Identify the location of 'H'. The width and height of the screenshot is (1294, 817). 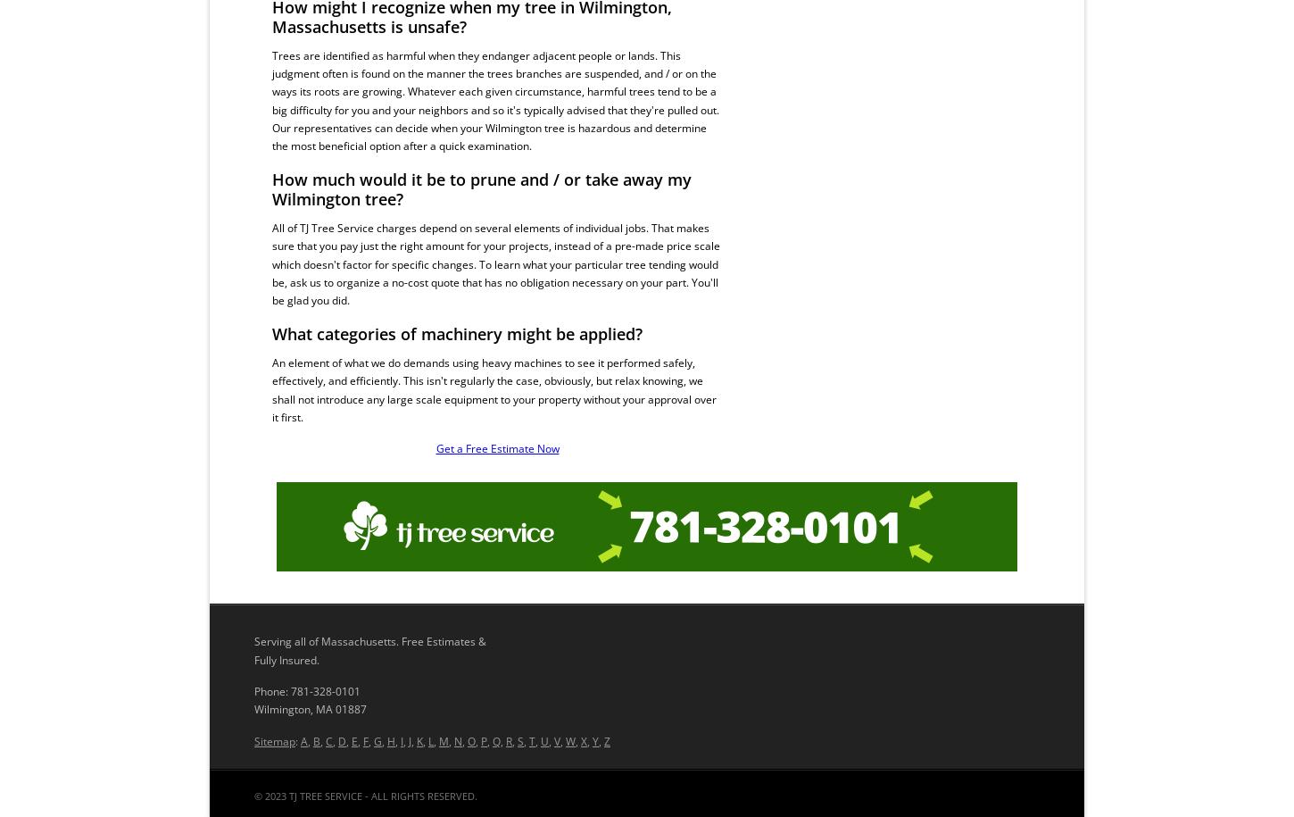
(386, 740).